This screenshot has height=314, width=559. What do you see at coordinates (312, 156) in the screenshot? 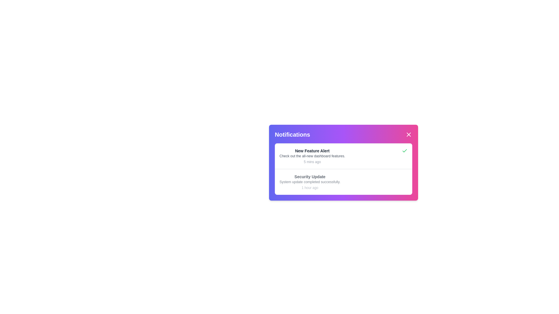
I see `the text label displaying the message 'Check out the all-new dashboard features.' located below the 'New Feature Alert' heading within the notification card` at bounding box center [312, 156].